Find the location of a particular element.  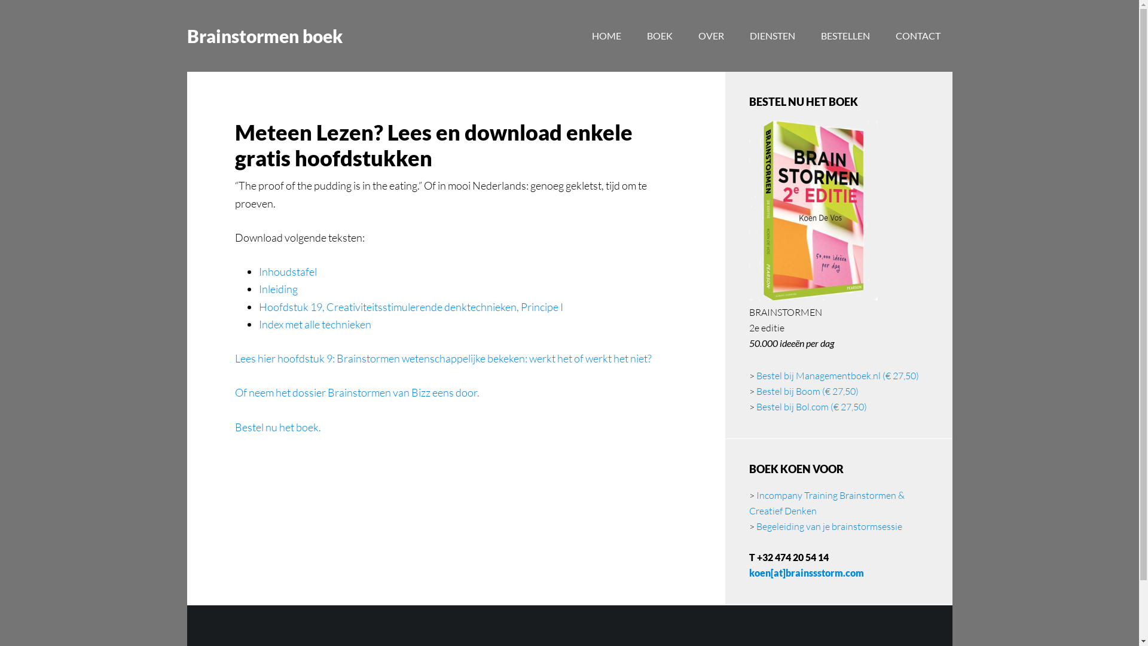

'Bestel nu het boek.' is located at coordinates (277, 426).